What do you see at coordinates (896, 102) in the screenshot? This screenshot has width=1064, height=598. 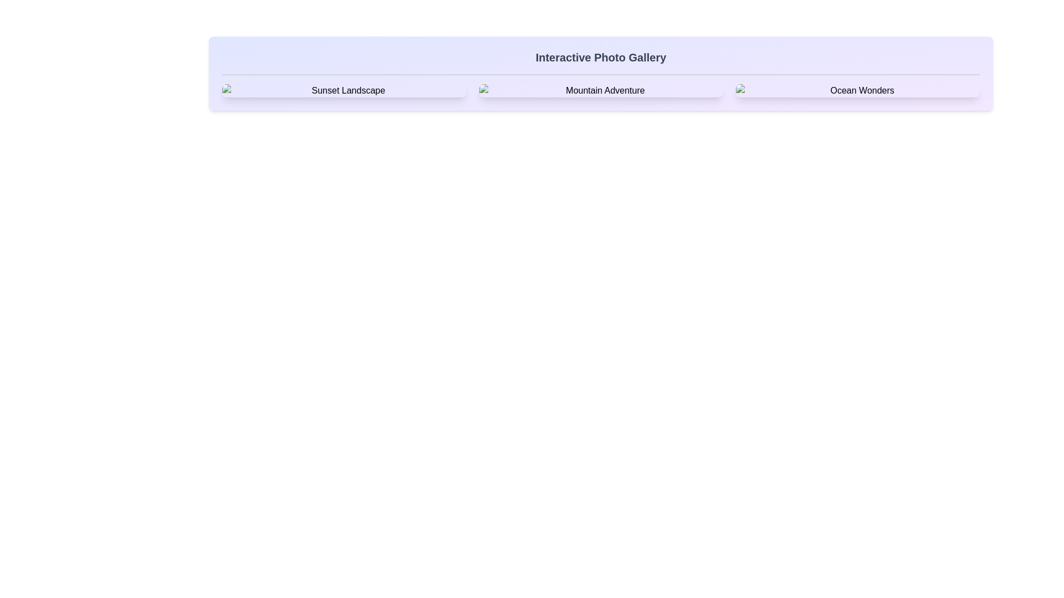 I see `the text content 'Like' within the rightmost button of the 'Ocean Wonders' component, which indicates an action to express approval` at bounding box center [896, 102].